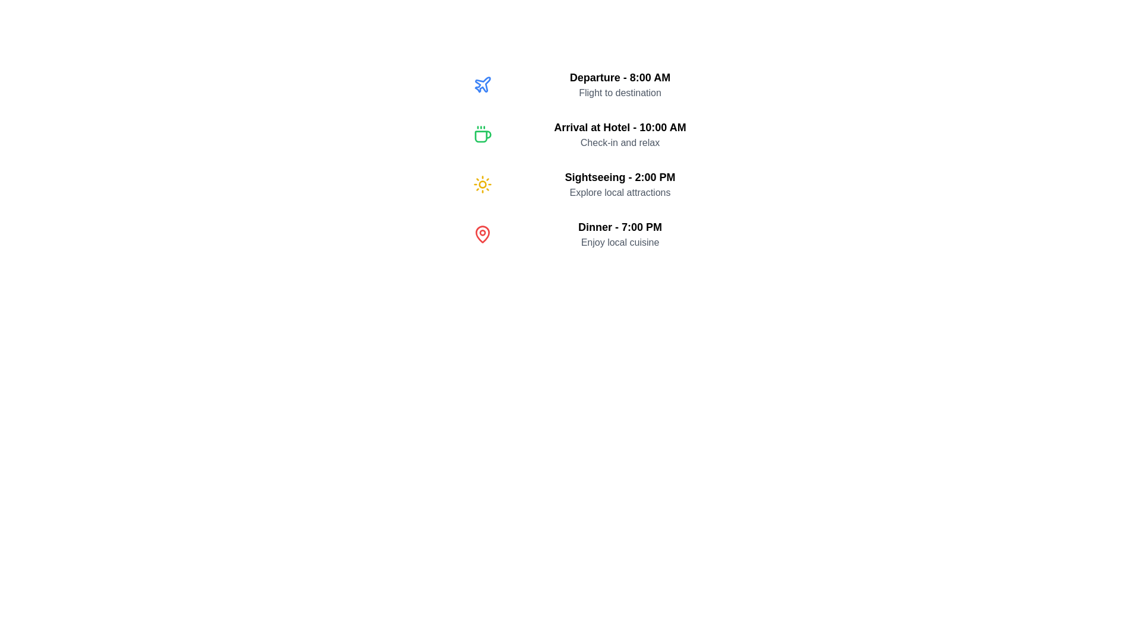  What do you see at coordinates (619, 142) in the screenshot?
I see `the text label displaying 'Check-in and relax', which is styled in light gray and positioned below 'Arrival at Hotel - 10:00 AM' in the itinerary interface` at bounding box center [619, 142].